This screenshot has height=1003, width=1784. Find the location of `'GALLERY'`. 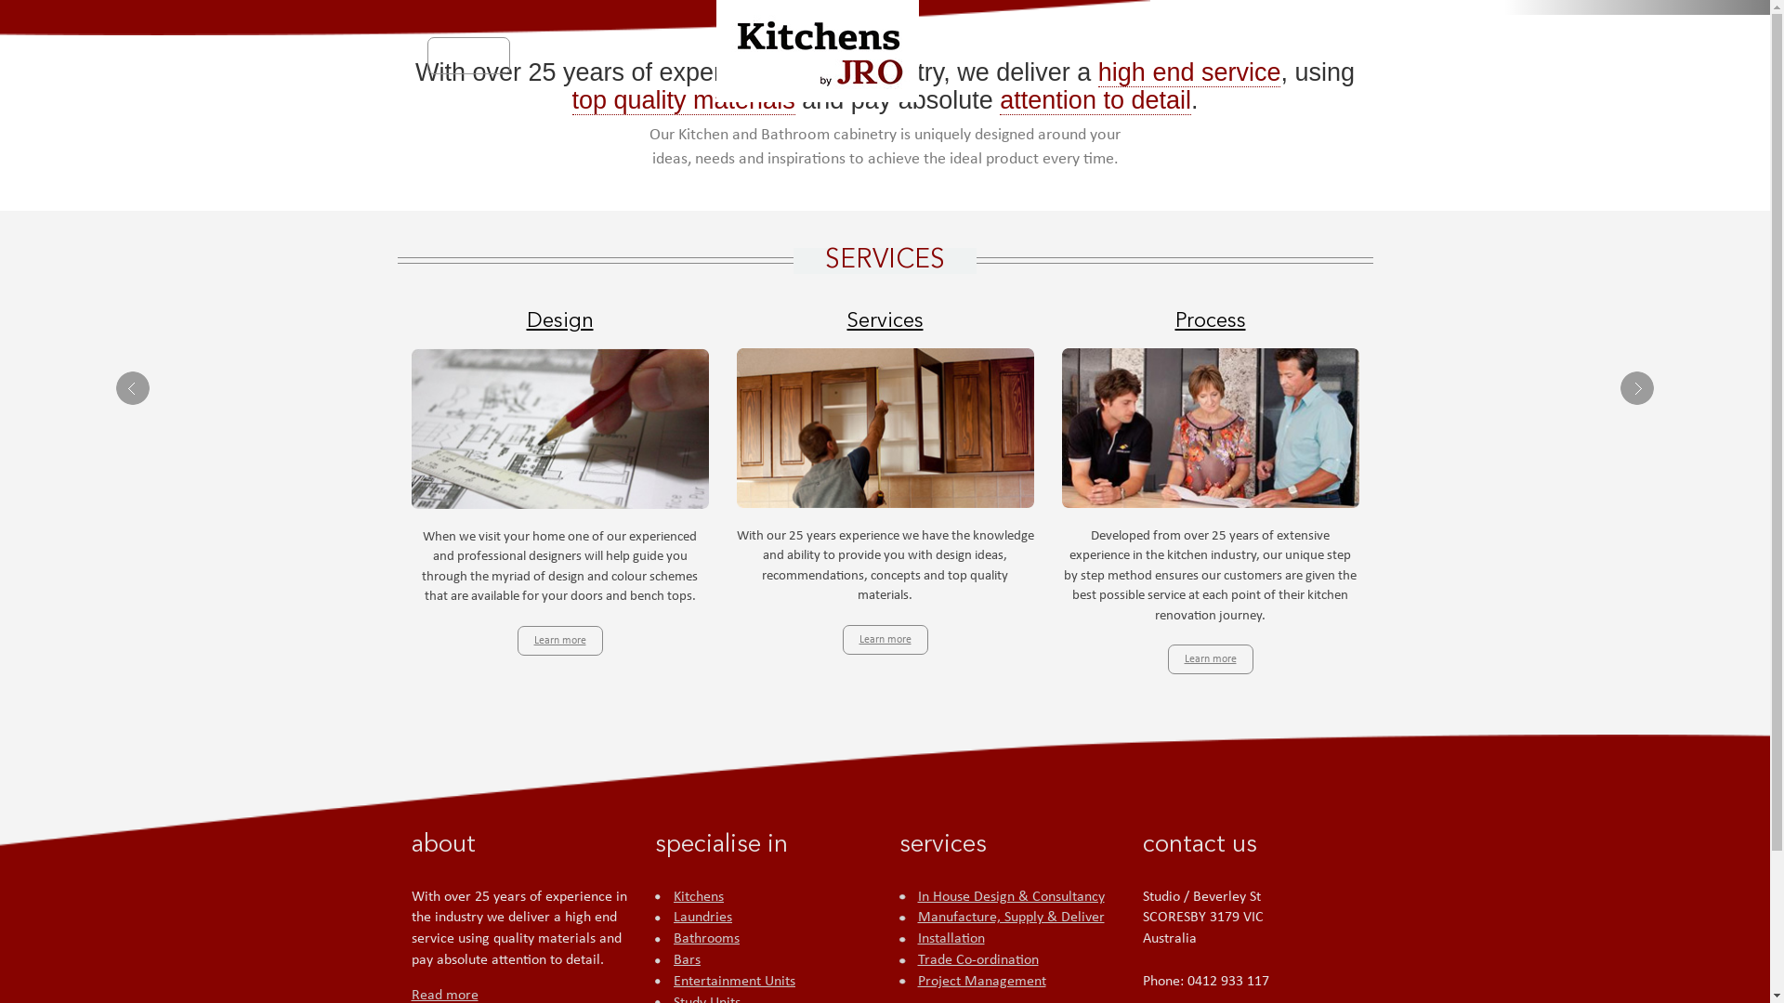

'GALLERY' is located at coordinates (1181, 55).